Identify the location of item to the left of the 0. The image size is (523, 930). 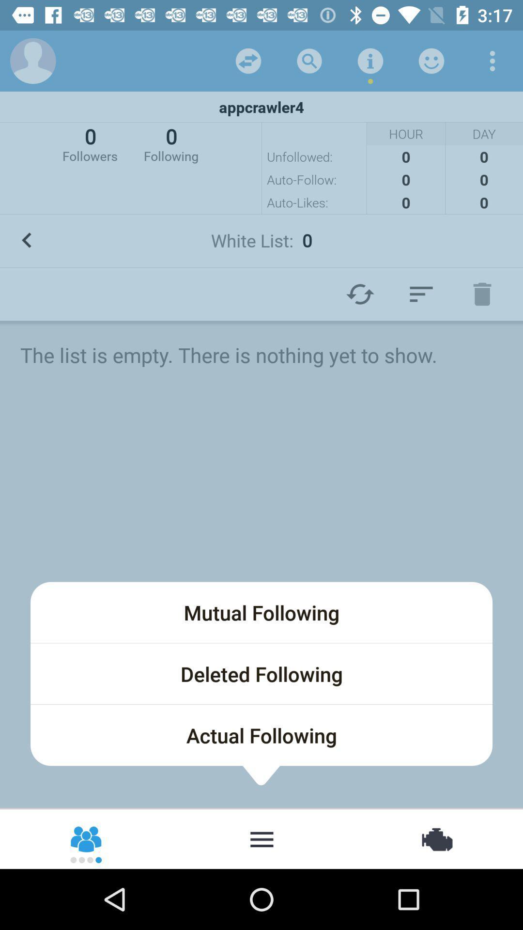
(90, 143).